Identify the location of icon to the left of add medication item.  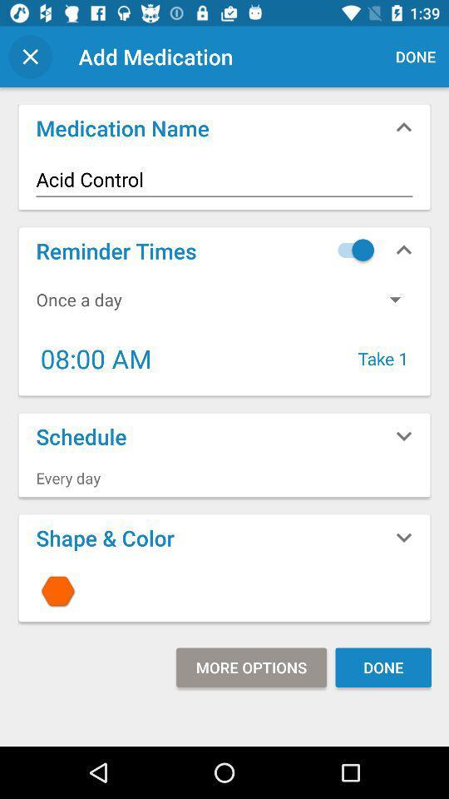
(30, 57).